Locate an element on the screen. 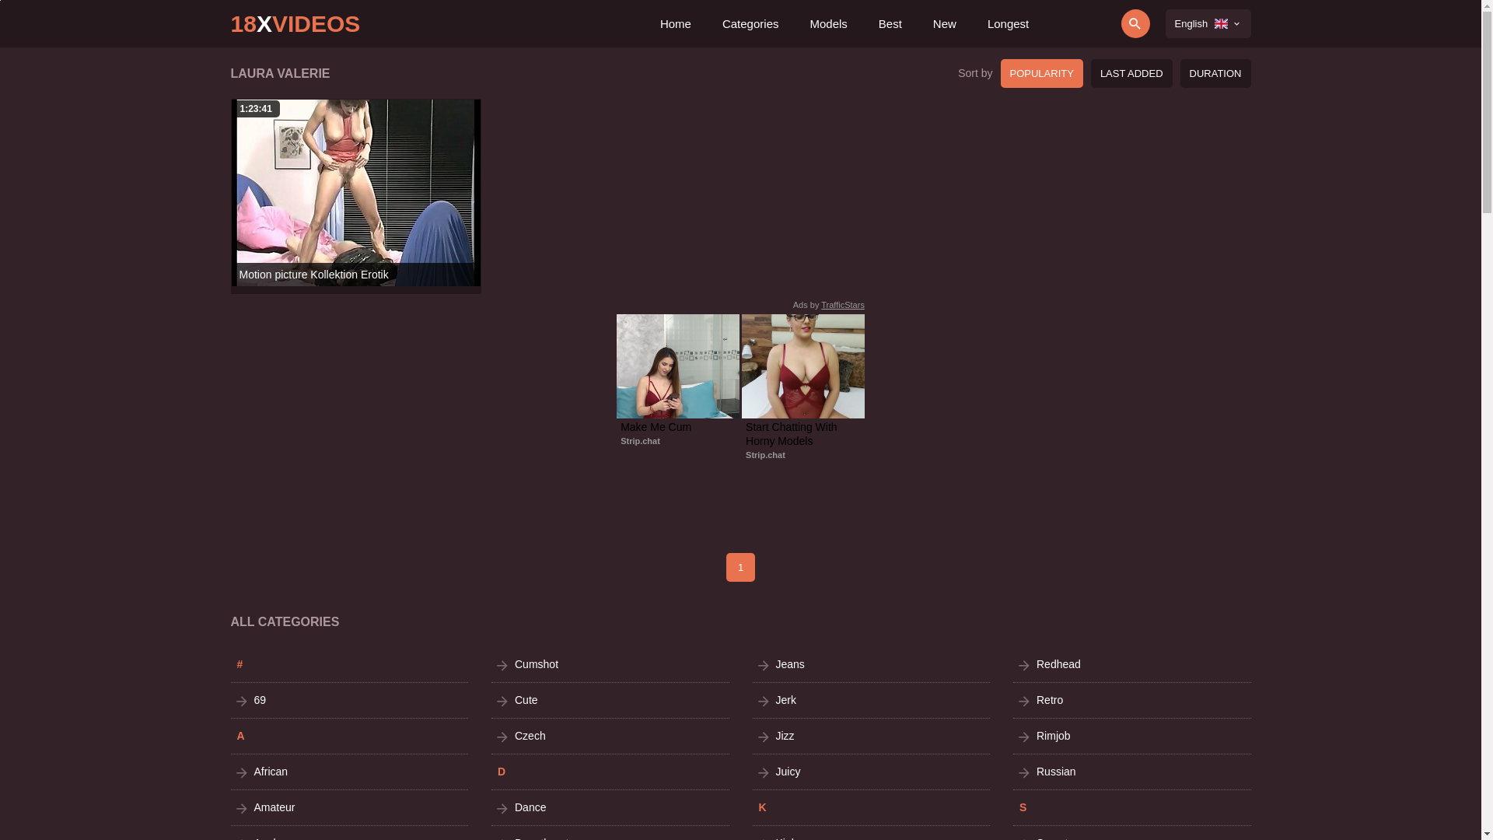 The width and height of the screenshot is (1493, 840). 'Categories' is located at coordinates (750, 23).